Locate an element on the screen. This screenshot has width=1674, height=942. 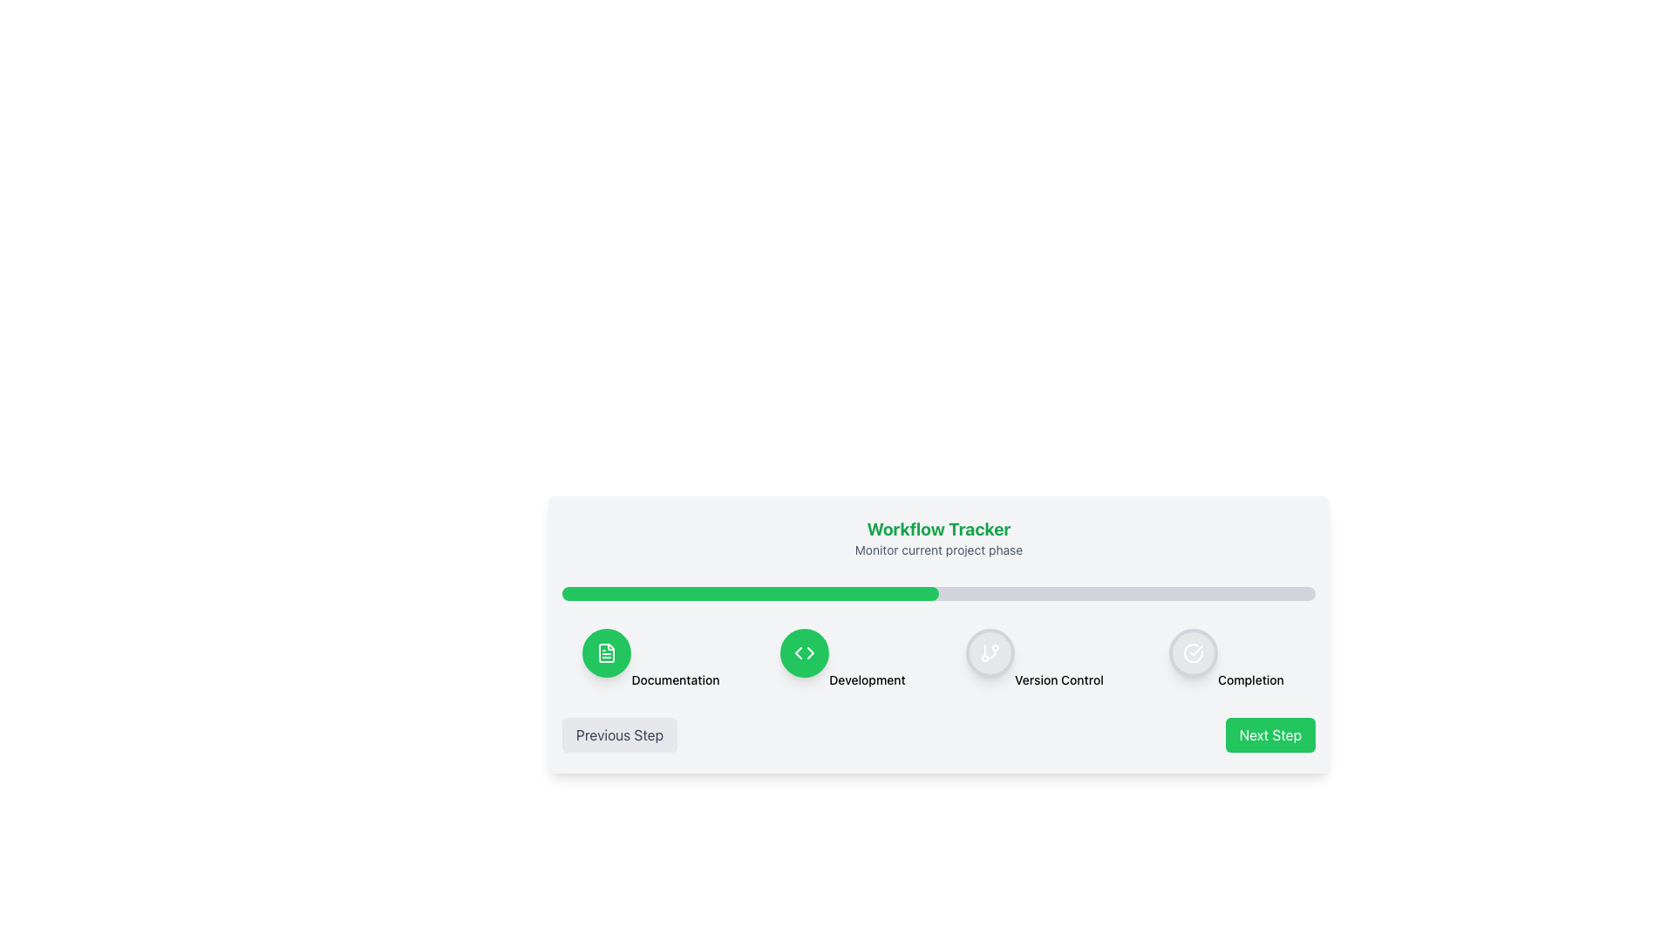
the left-pointing arrow SVG graphic inside the green circular button labeled 'Development', which indicates navigation for development progress is located at coordinates (798, 652).